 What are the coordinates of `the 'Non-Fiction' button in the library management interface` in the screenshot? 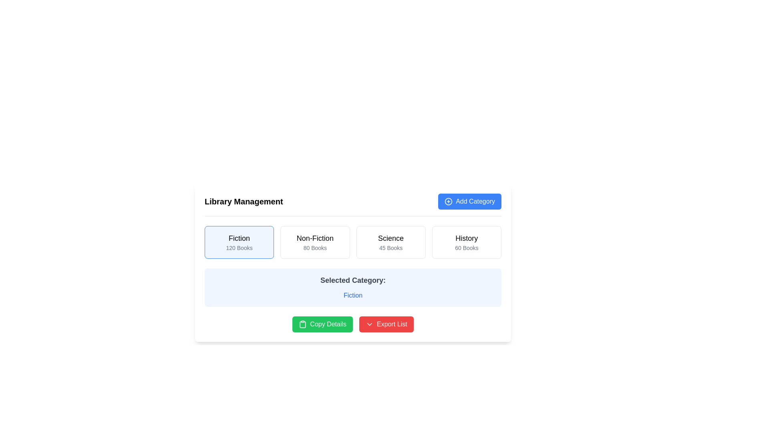 It's located at (314, 242).